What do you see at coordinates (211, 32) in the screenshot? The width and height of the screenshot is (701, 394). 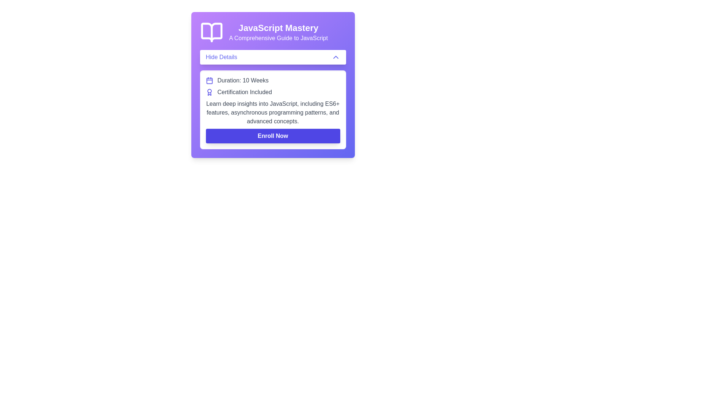 I see `the open book icon, which is outlined in white and located within a purple rectangular area to the left of the 'JavaScript Mastery' title and subtitle` at bounding box center [211, 32].